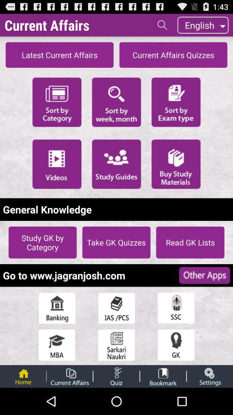  What do you see at coordinates (190, 242) in the screenshot?
I see `the item to the right of the take gk quizzes button` at bounding box center [190, 242].